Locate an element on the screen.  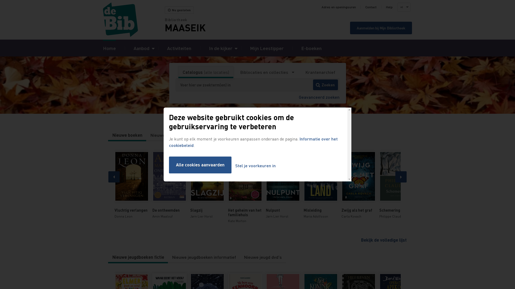
'Nieuwe boeken' is located at coordinates (127, 135).